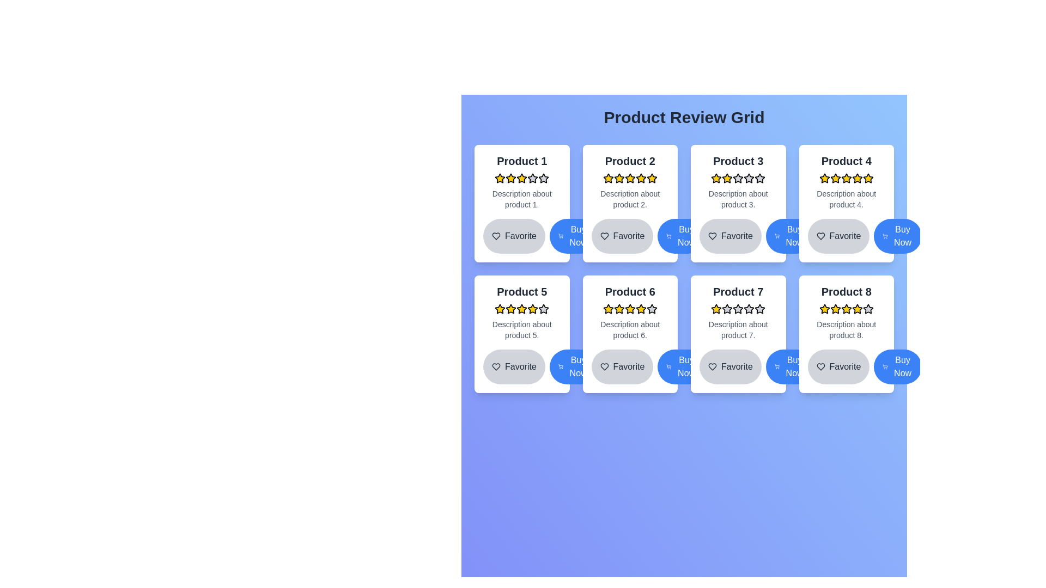 Image resolution: width=1046 pixels, height=588 pixels. What do you see at coordinates (544, 177) in the screenshot?
I see `the fourth star icon with a black border and white interior in the rating section of the 'Product 1' card` at bounding box center [544, 177].